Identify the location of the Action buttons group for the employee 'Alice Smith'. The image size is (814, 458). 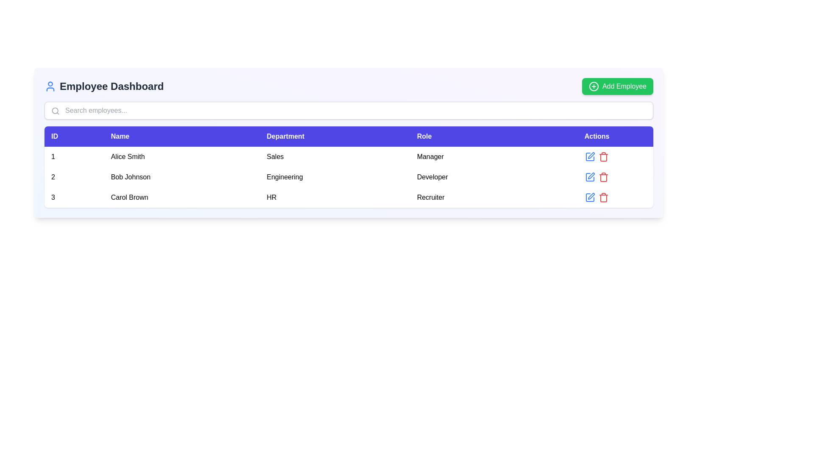
(597, 157).